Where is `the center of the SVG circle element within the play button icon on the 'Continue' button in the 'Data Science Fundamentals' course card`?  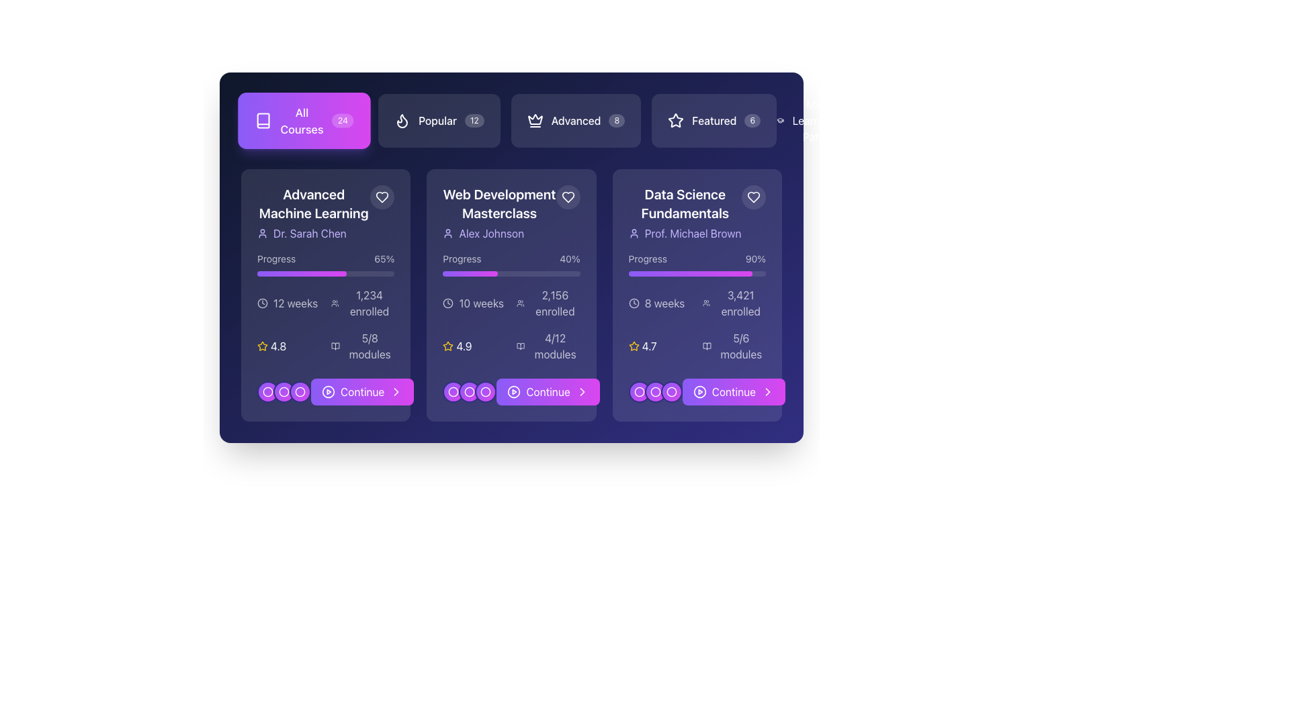
the center of the SVG circle element within the play button icon on the 'Continue' button in the 'Data Science Fundamentals' course card is located at coordinates (699, 391).